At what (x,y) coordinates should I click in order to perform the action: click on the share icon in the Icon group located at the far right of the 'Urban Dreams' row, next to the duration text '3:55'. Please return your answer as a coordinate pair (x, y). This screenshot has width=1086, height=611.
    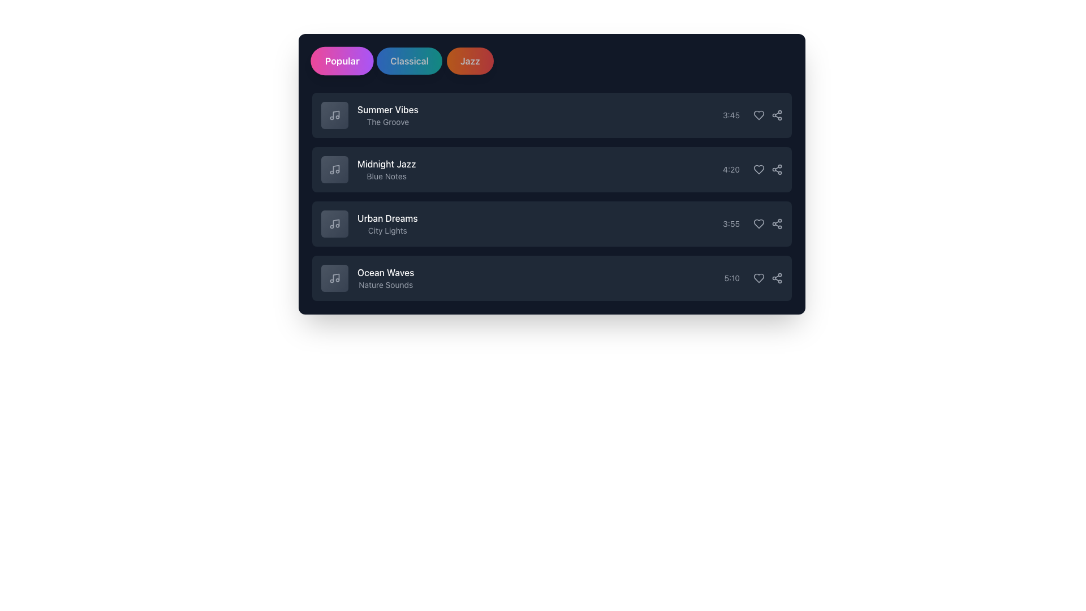
    Looking at the image, I should click on (768, 224).